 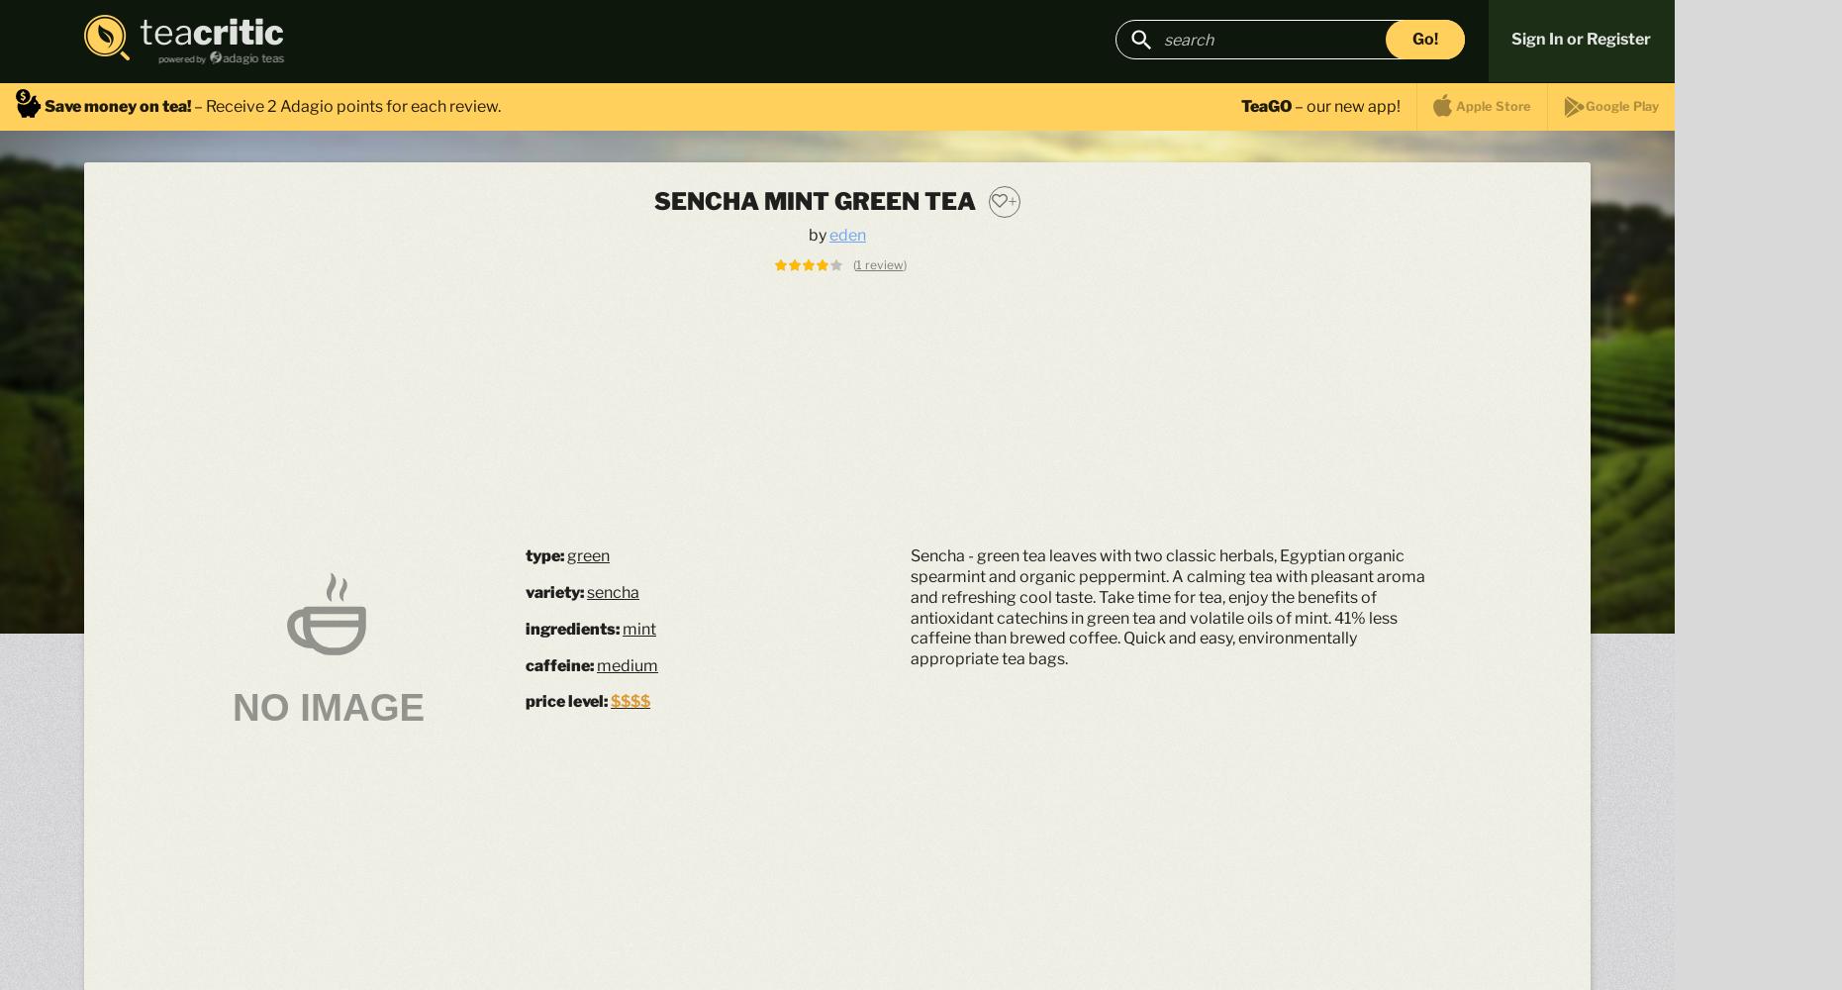 What do you see at coordinates (181, 58) in the screenshot?
I see `'powered by'` at bounding box center [181, 58].